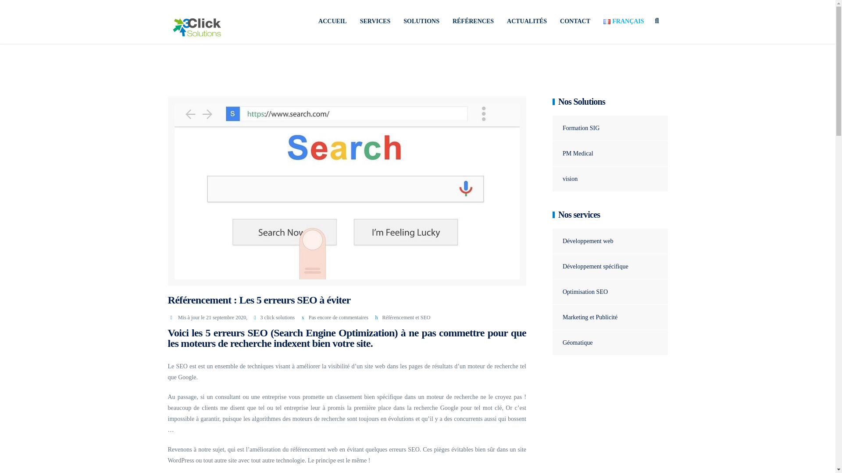 Image resolution: width=842 pixels, height=473 pixels. I want to click on 'Formation SIG', so click(576, 128).